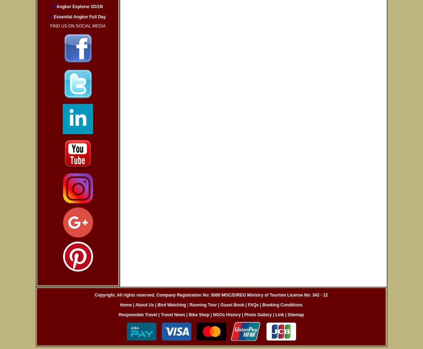 The image size is (423, 349). Describe the element at coordinates (143, 305) in the screenshot. I see `'| About Us'` at that location.